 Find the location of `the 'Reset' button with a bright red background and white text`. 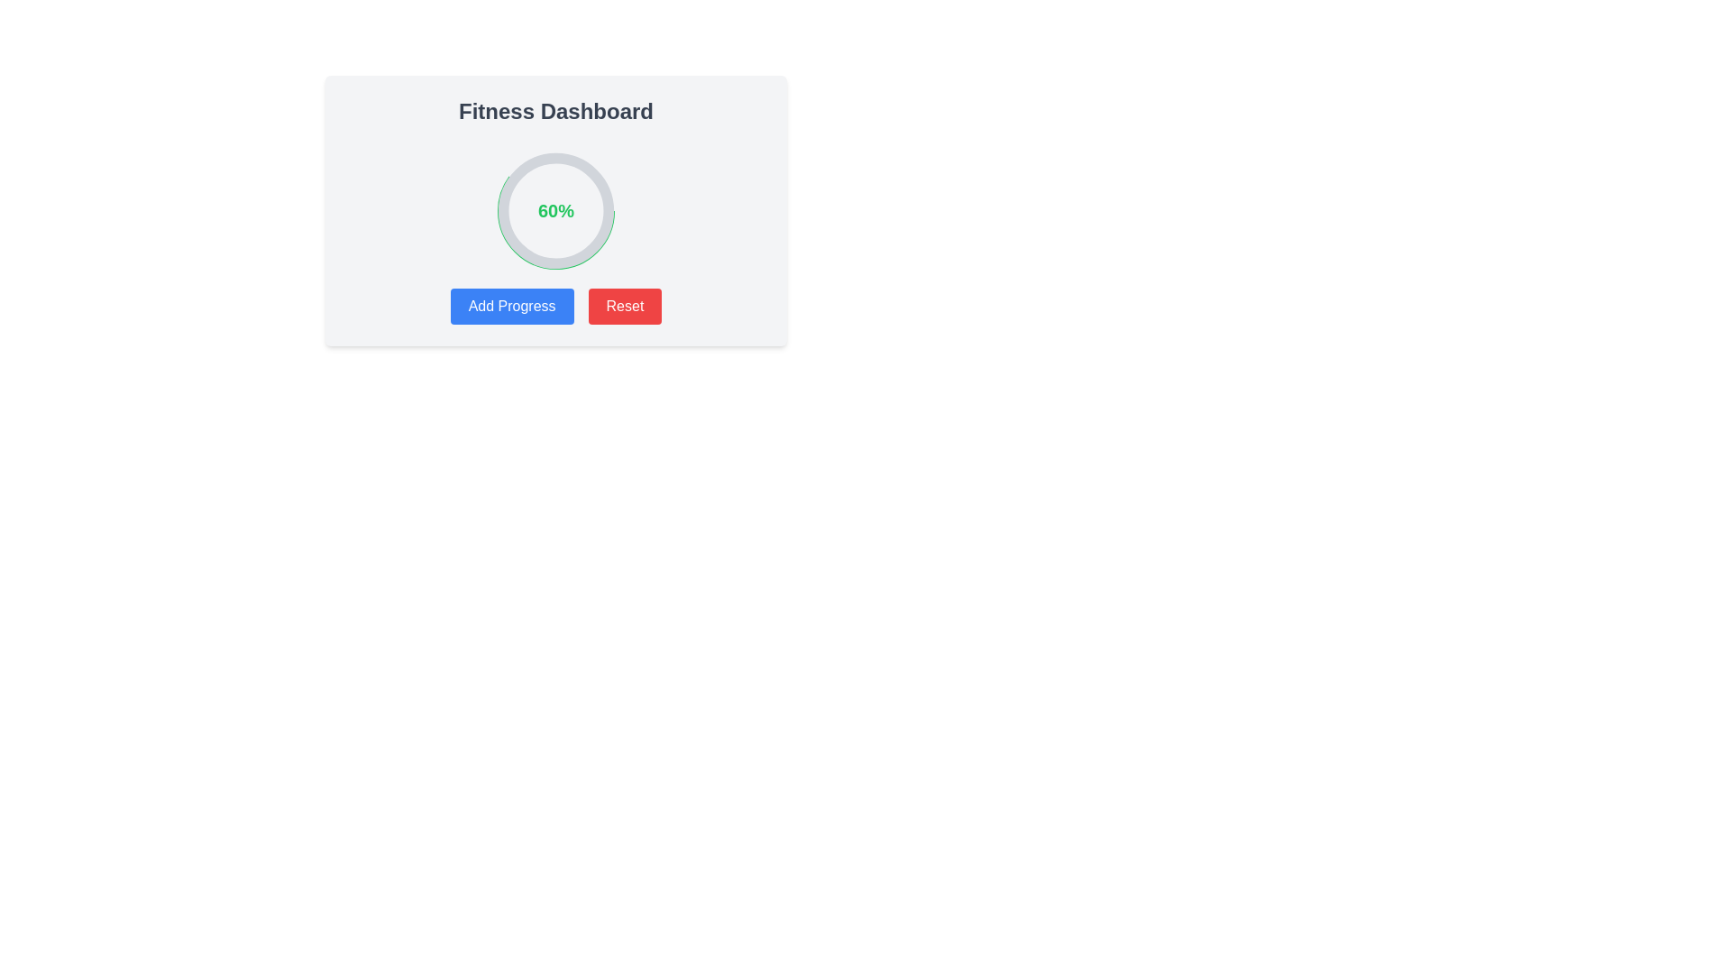

the 'Reset' button with a bright red background and white text is located at coordinates (625, 305).